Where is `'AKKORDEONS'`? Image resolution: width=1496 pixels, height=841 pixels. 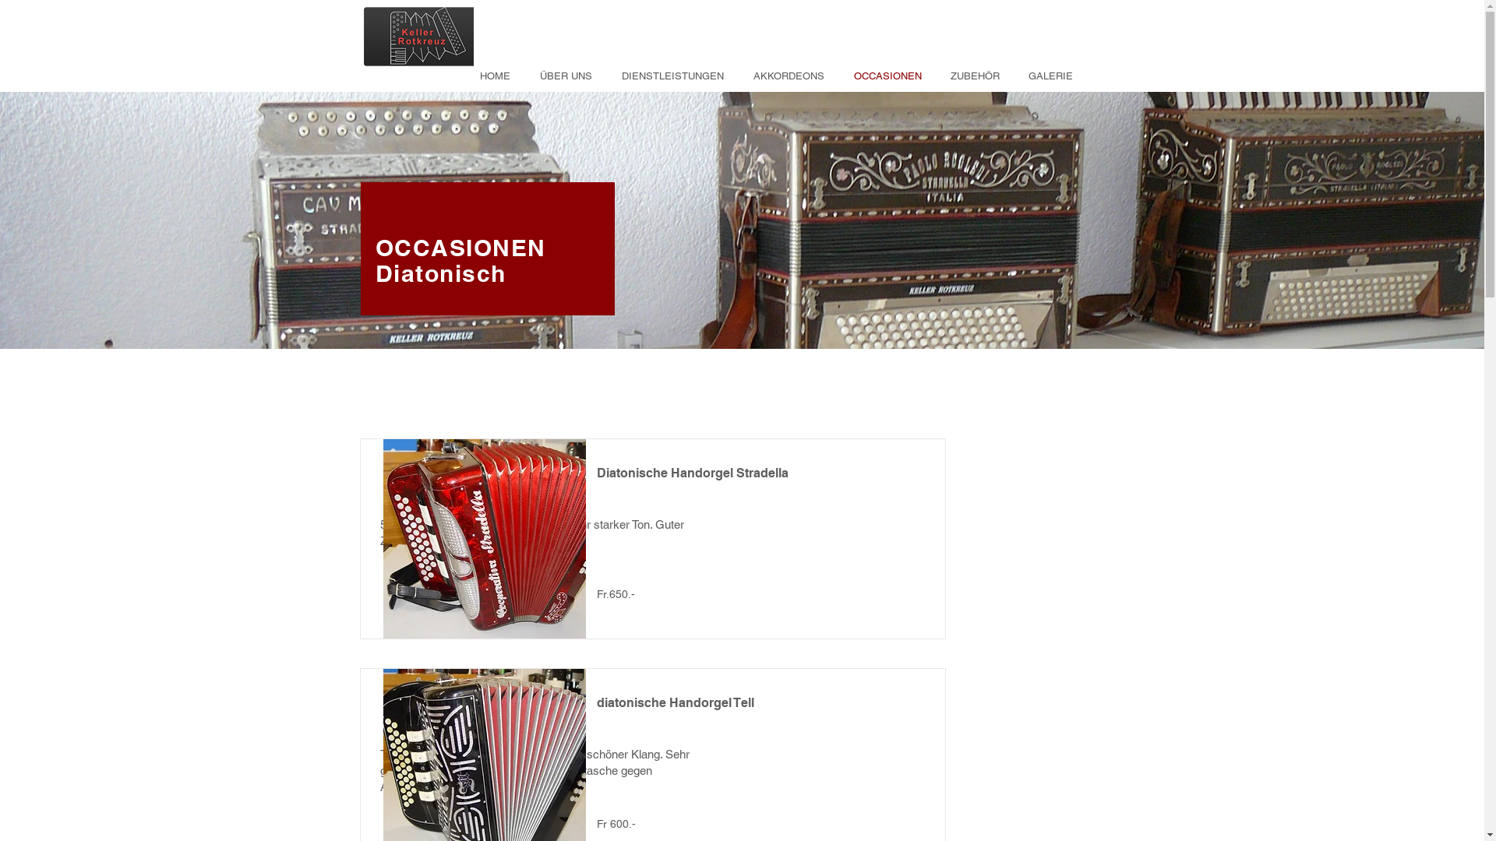 'AKKORDEONS' is located at coordinates (785, 76).